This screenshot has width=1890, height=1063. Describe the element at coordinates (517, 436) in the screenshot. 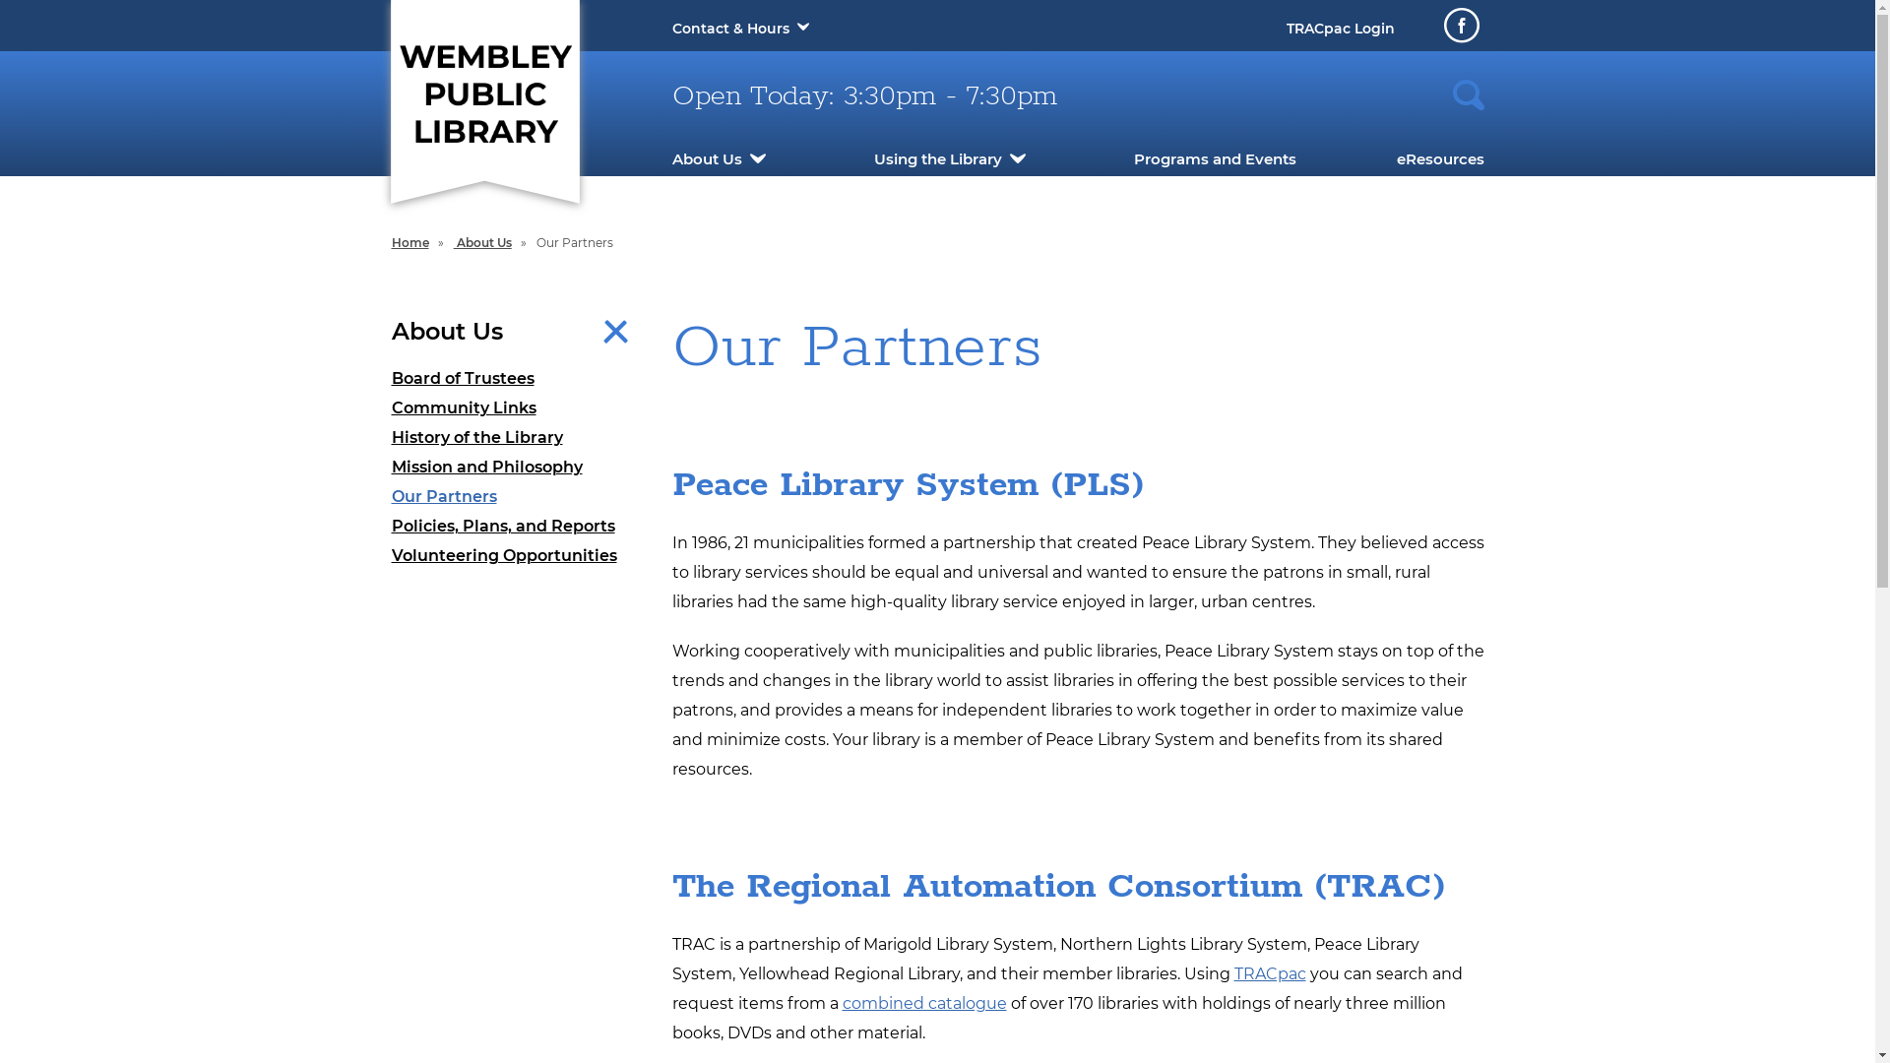

I see `'History of the Library'` at that location.